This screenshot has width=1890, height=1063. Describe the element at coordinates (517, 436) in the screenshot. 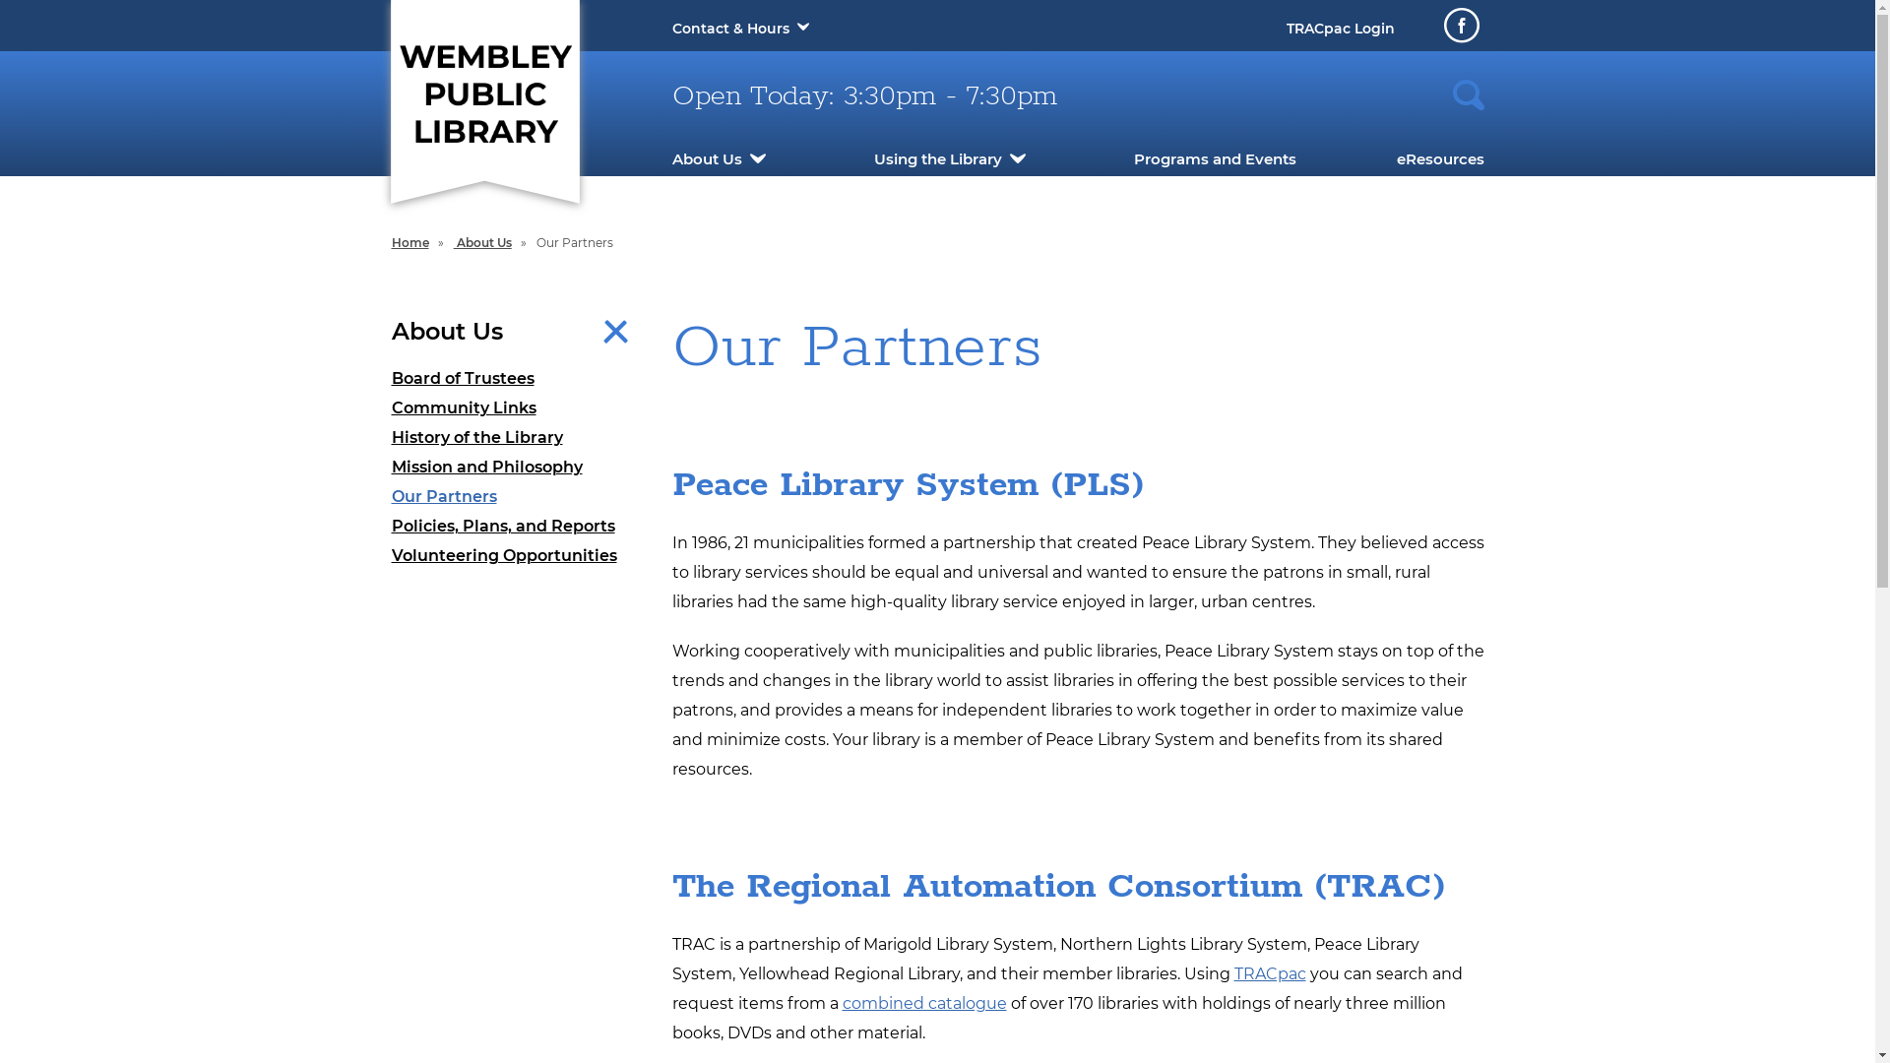

I see `'History of the Library'` at that location.